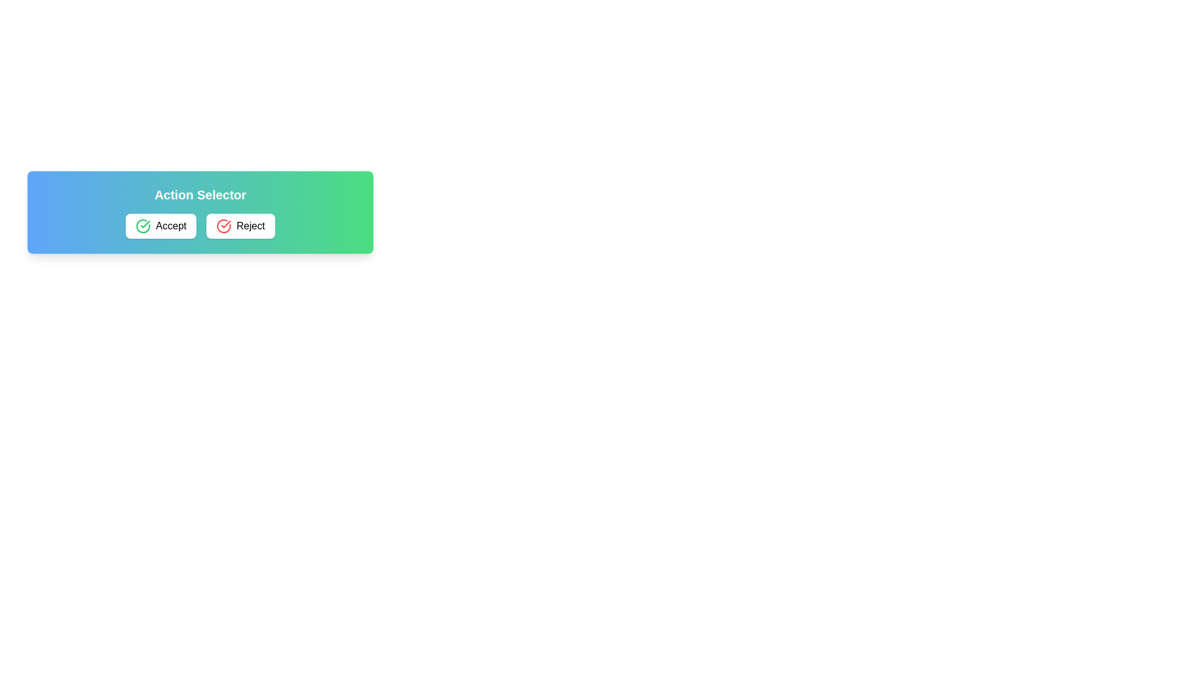 This screenshot has width=1201, height=675. I want to click on the green circular icon with a checkmark next to the 'Accept' button to indicate approval, so click(143, 226).